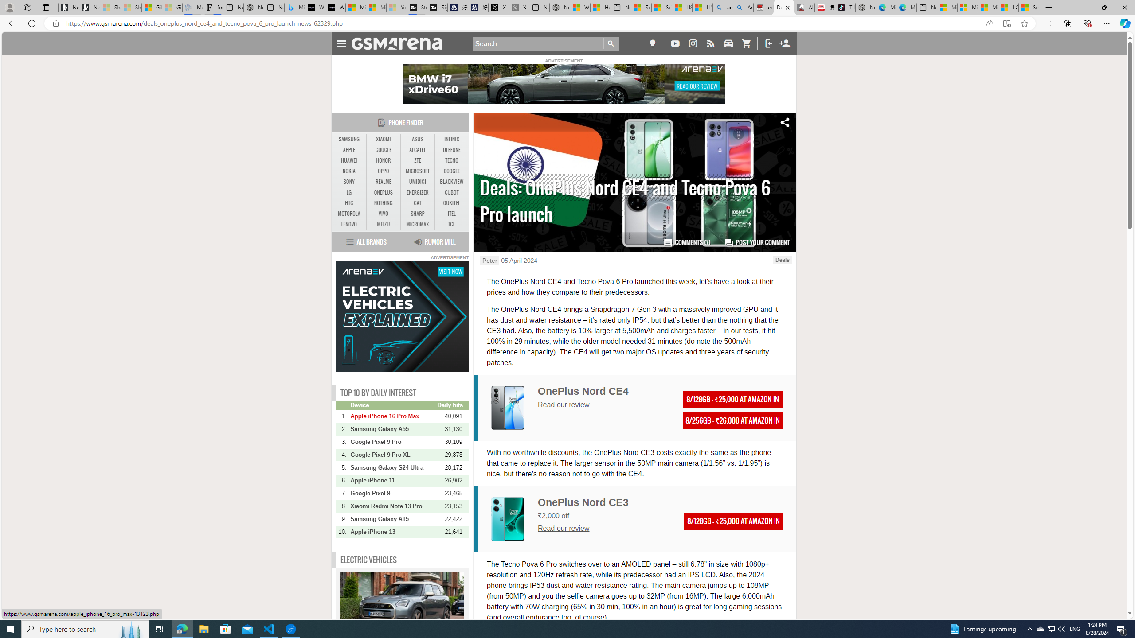 The height and width of the screenshot is (638, 1135). Describe the element at coordinates (451, 160) in the screenshot. I see `'TECNO'` at that location.